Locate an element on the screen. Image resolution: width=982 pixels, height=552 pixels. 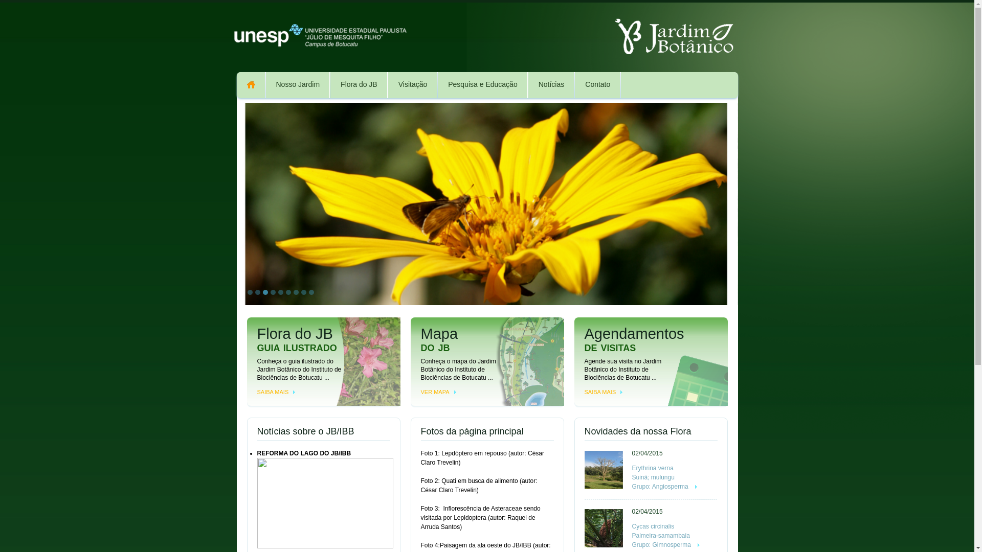
'unesp botucatu' is located at coordinates (230, 36).